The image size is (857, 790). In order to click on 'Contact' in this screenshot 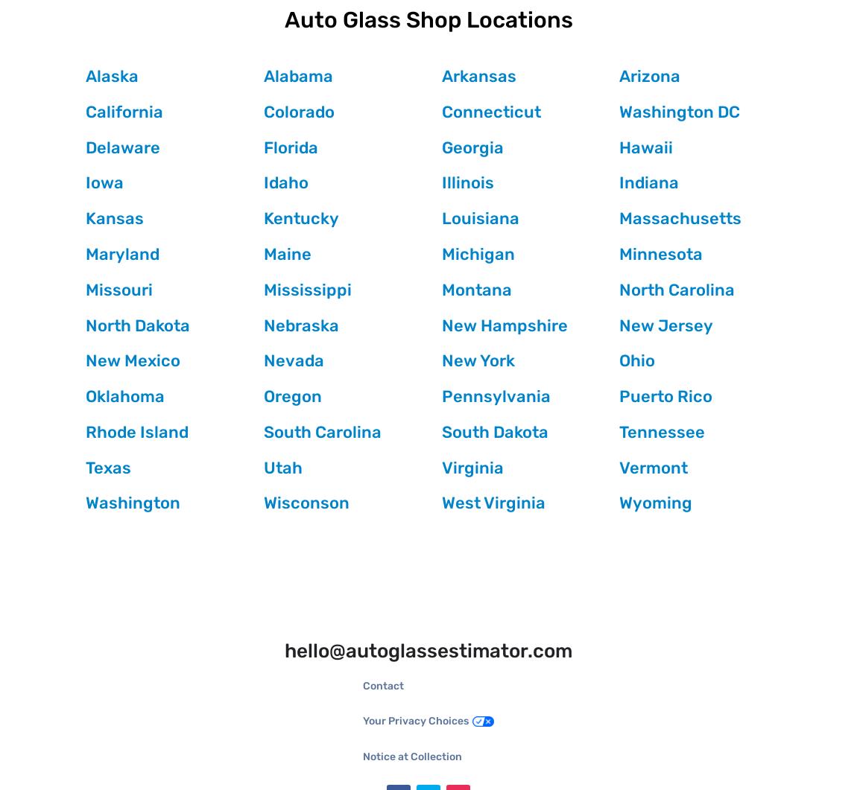, I will do `click(363, 684)`.